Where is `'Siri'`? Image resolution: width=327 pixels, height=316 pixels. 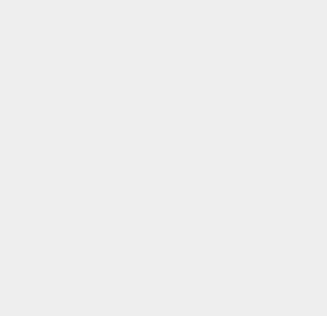 'Siri' is located at coordinates (231, 6).